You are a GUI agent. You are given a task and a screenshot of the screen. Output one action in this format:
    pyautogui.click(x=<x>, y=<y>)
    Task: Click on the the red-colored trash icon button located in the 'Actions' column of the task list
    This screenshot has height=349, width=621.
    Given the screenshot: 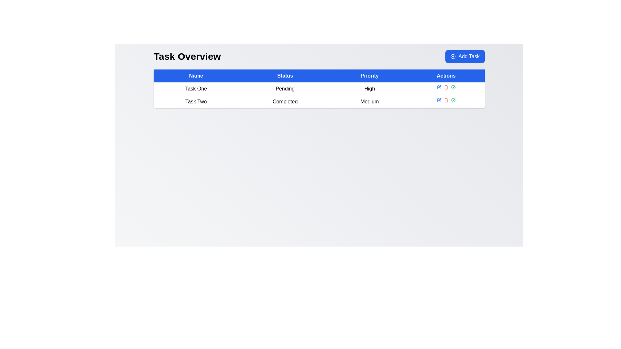 What is the action you would take?
    pyautogui.click(x=446, y=100)
    